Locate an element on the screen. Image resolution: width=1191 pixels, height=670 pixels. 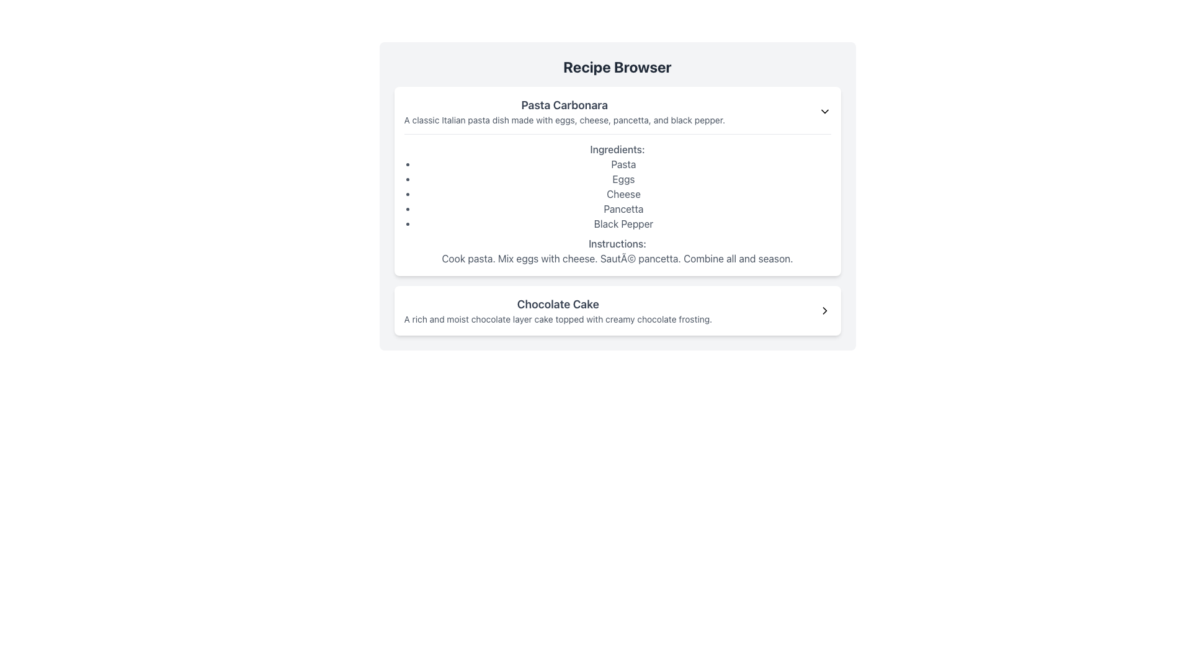
the Text label that serves as the title for the ingredients section of the 'Pasta Carbonara' recipe, which is positioned at the top-center of the interface is located at coordinates (617, 148).